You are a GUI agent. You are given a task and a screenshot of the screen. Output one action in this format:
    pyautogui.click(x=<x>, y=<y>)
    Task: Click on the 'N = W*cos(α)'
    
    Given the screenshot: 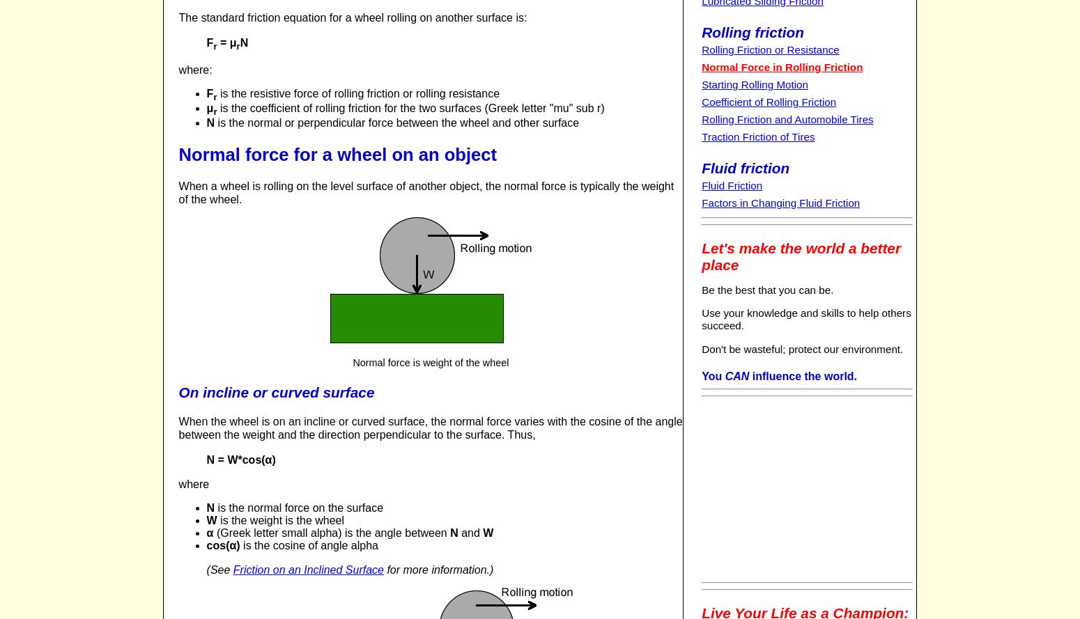 What is the action you would take?
    pyautogui.click(x=240, y=459)
    